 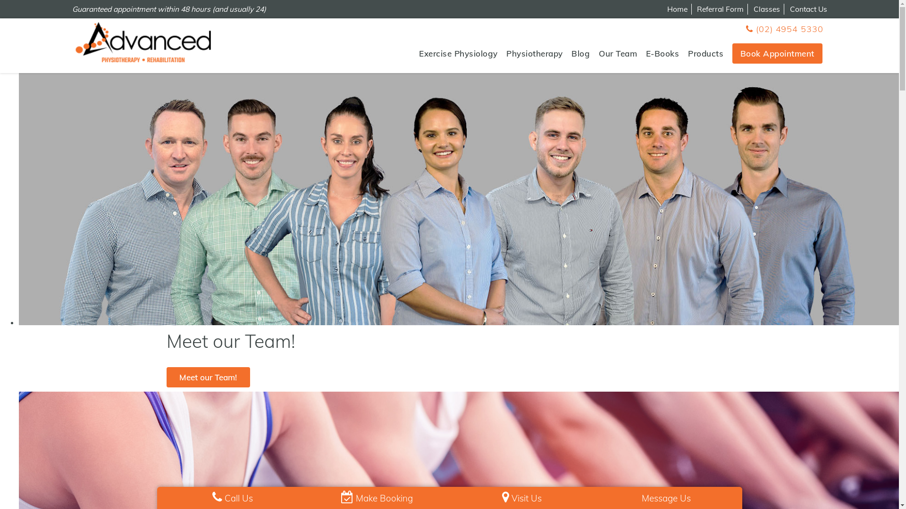 I want to click on 'Meet our Team!', so click(x=166, y=377).